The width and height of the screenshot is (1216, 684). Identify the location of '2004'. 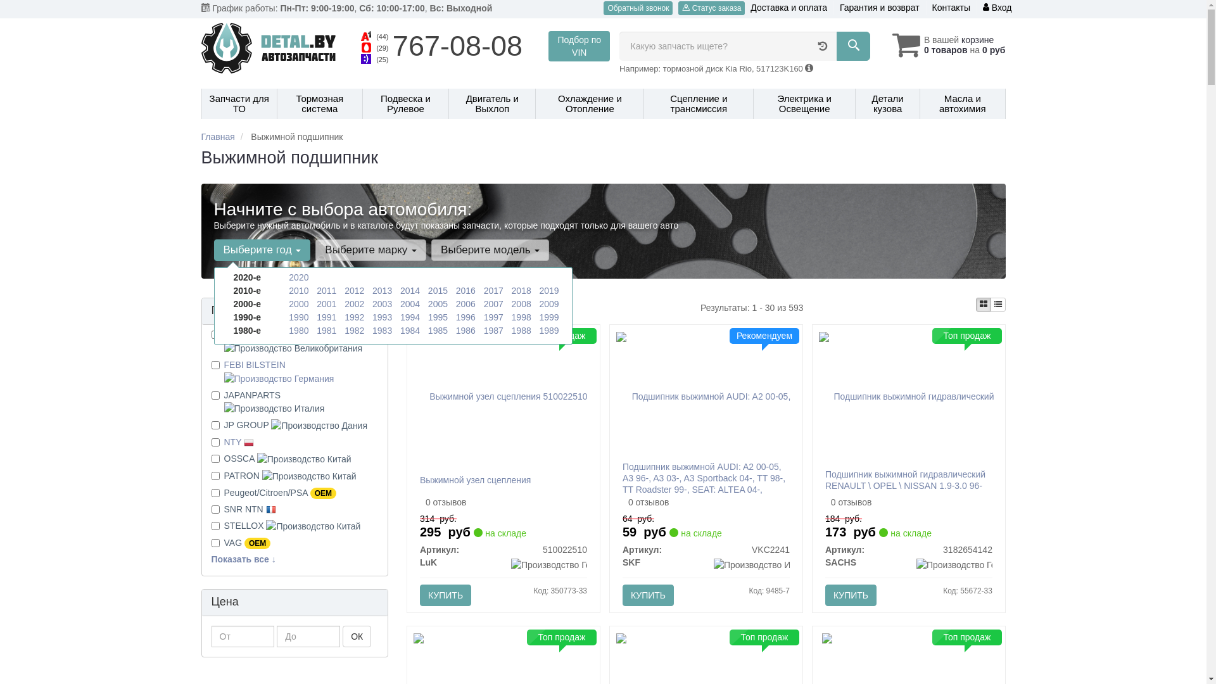
(410, 303).